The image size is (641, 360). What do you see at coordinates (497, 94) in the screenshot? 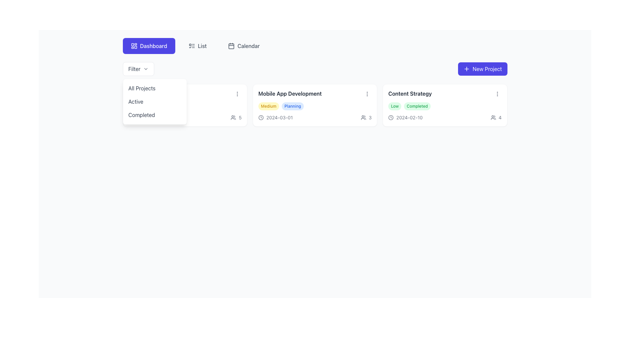
I see `the button located at the top-right corner of the 'Content Strategy' card` at bounding box center [497, 94].